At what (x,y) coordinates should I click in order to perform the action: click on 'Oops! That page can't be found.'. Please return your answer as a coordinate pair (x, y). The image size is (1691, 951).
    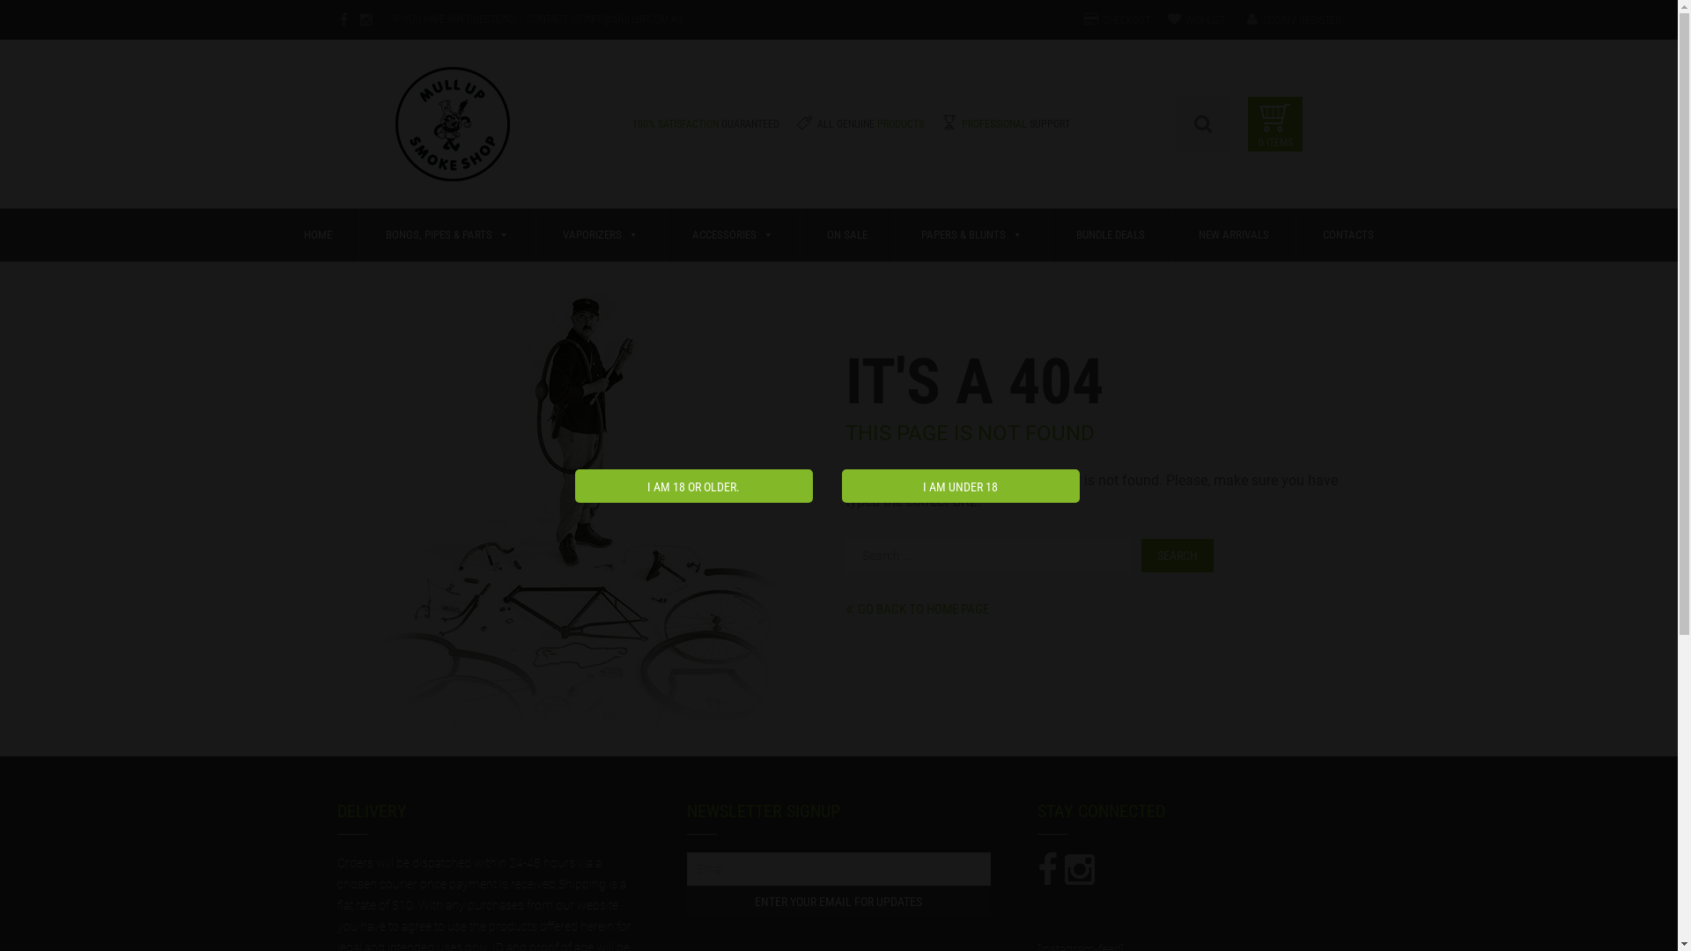
    Looking at the image, I should click on (590, 509).